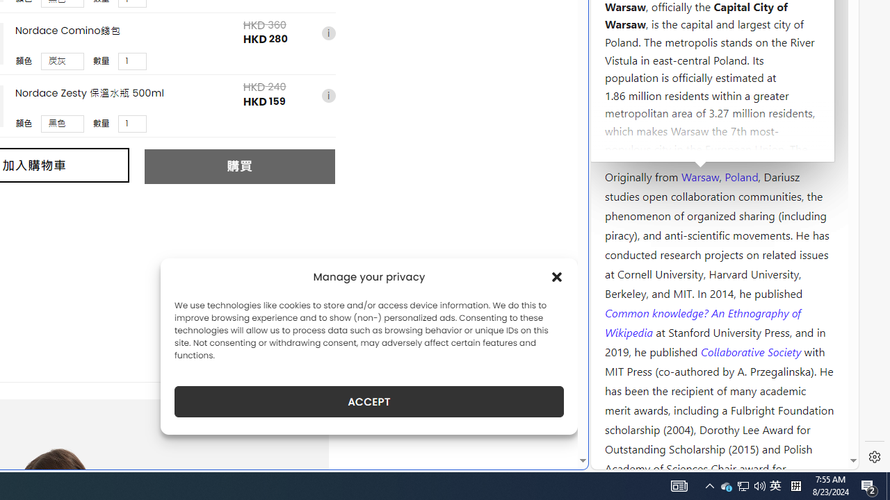 The height and width of the screenshot is (500, 890). What do you see at coordinates (699, 175) in the screenshot?
I see `'Warsaw'` at bounding box center [699, 175].